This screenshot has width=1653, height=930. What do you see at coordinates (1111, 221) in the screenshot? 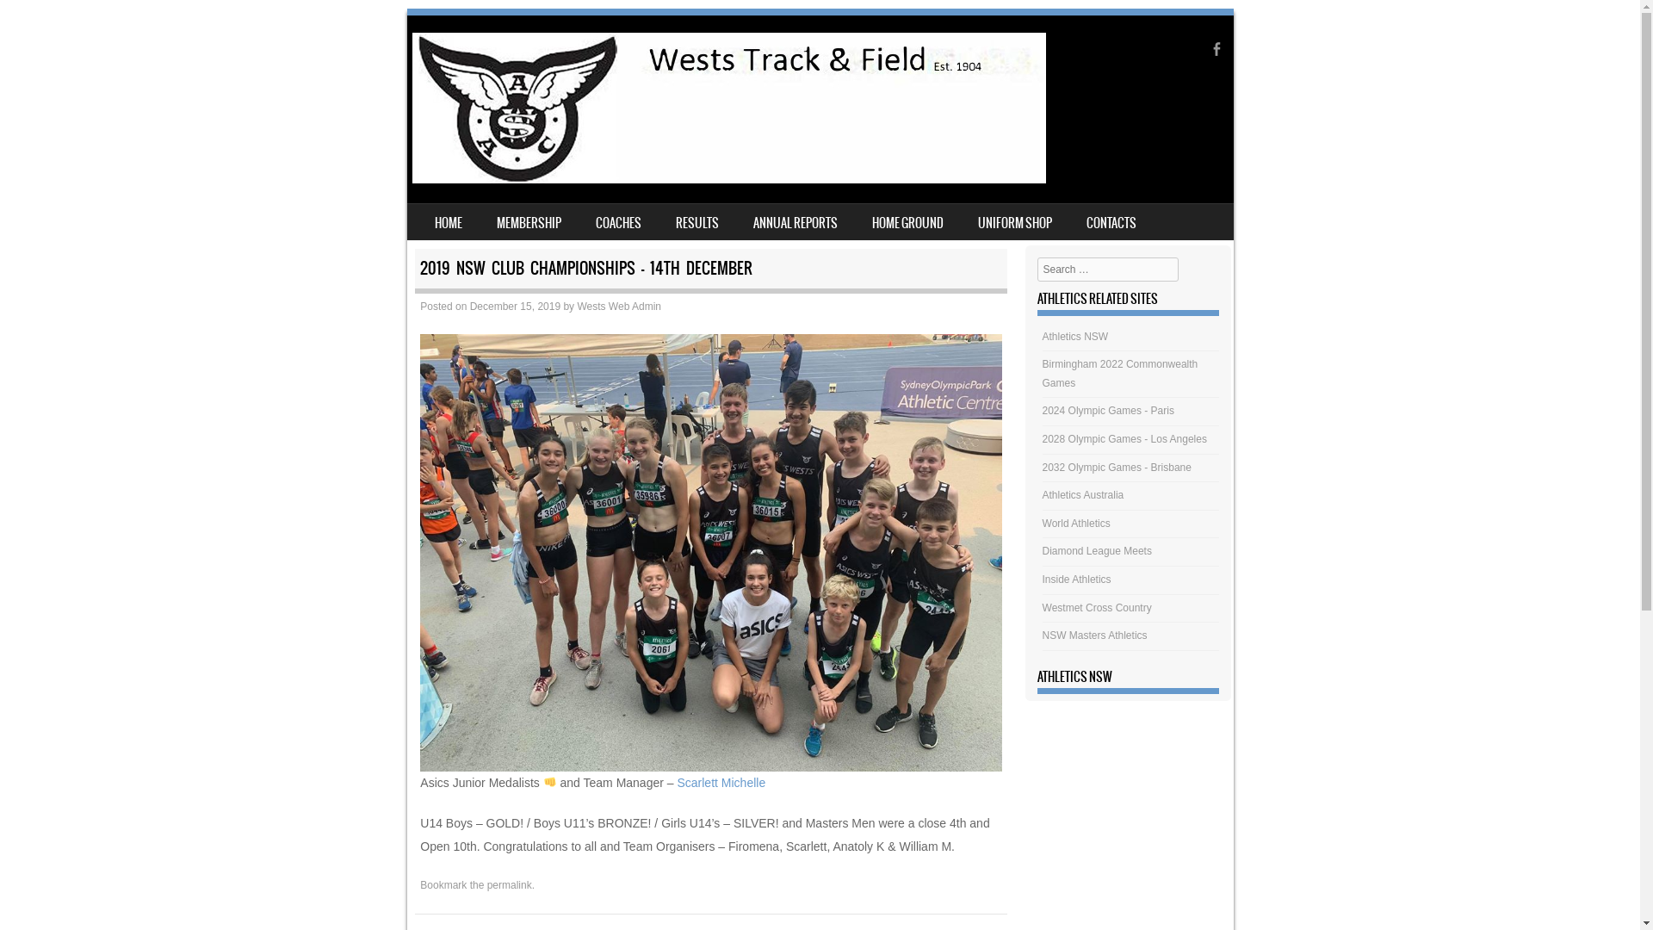
I see `'CONTACTS'` at bounding box center [1111, 221].